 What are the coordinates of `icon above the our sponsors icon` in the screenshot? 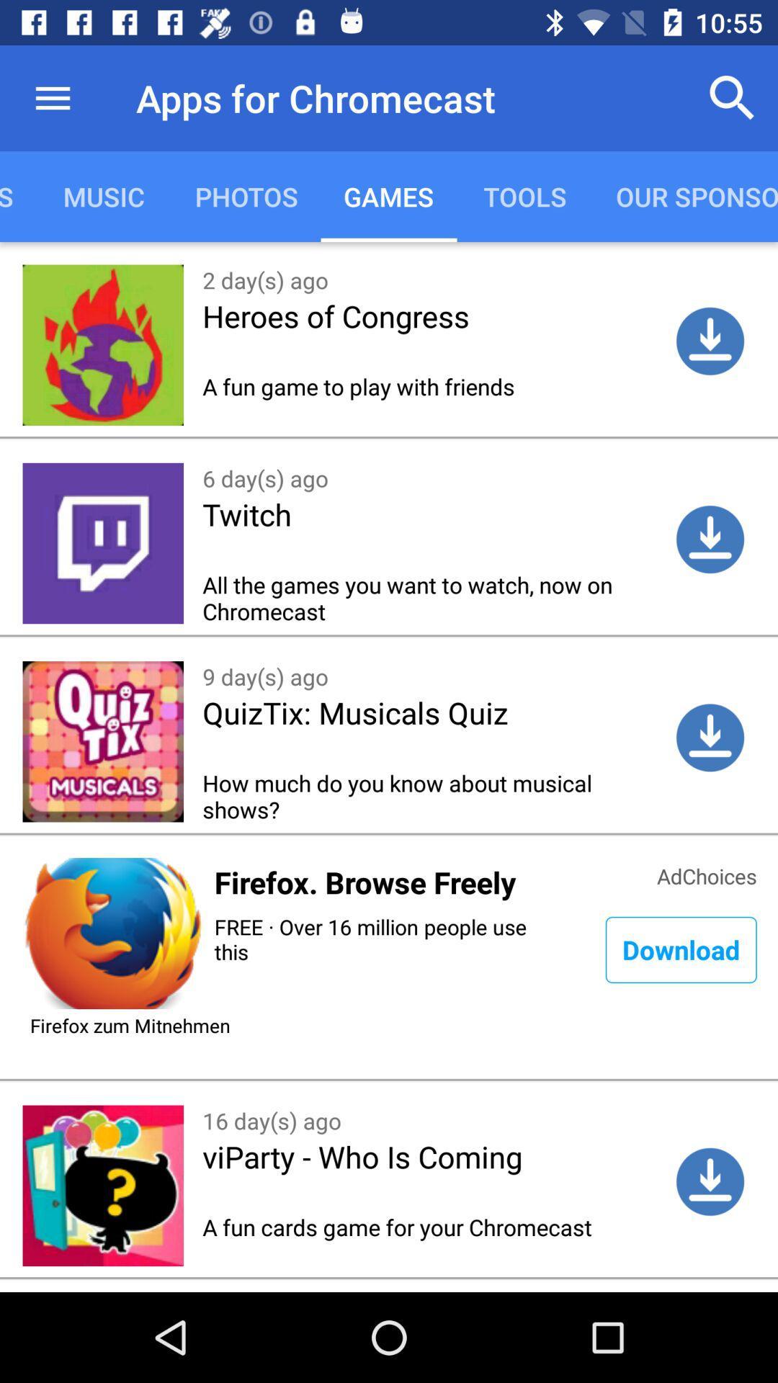 It's located at (733, 97).